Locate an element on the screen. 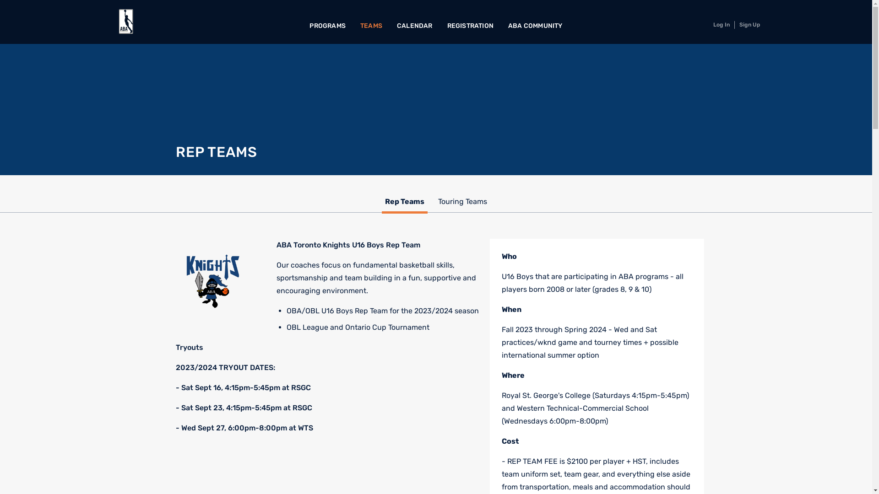 Image resolution: width=879 pixels, height=494 pixels. 'Log In' is located at coordinates (721, 24).